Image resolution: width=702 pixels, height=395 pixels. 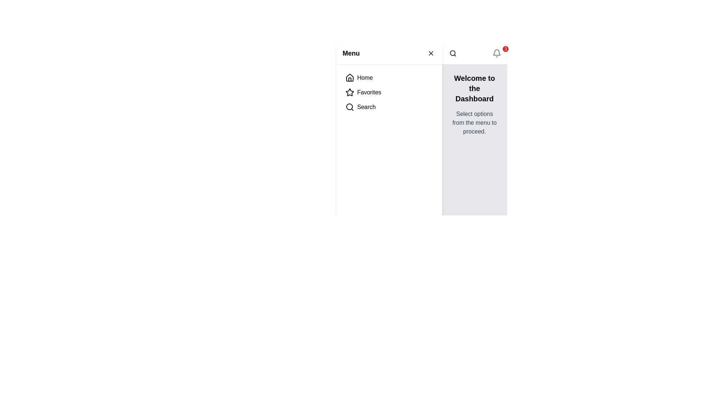 I want to click on the static text that reads 'Select options from the menu to proceed.', styled in gray and positioned below the 'Welcome to the Dashboard' heading, so click(x=474, y=122).